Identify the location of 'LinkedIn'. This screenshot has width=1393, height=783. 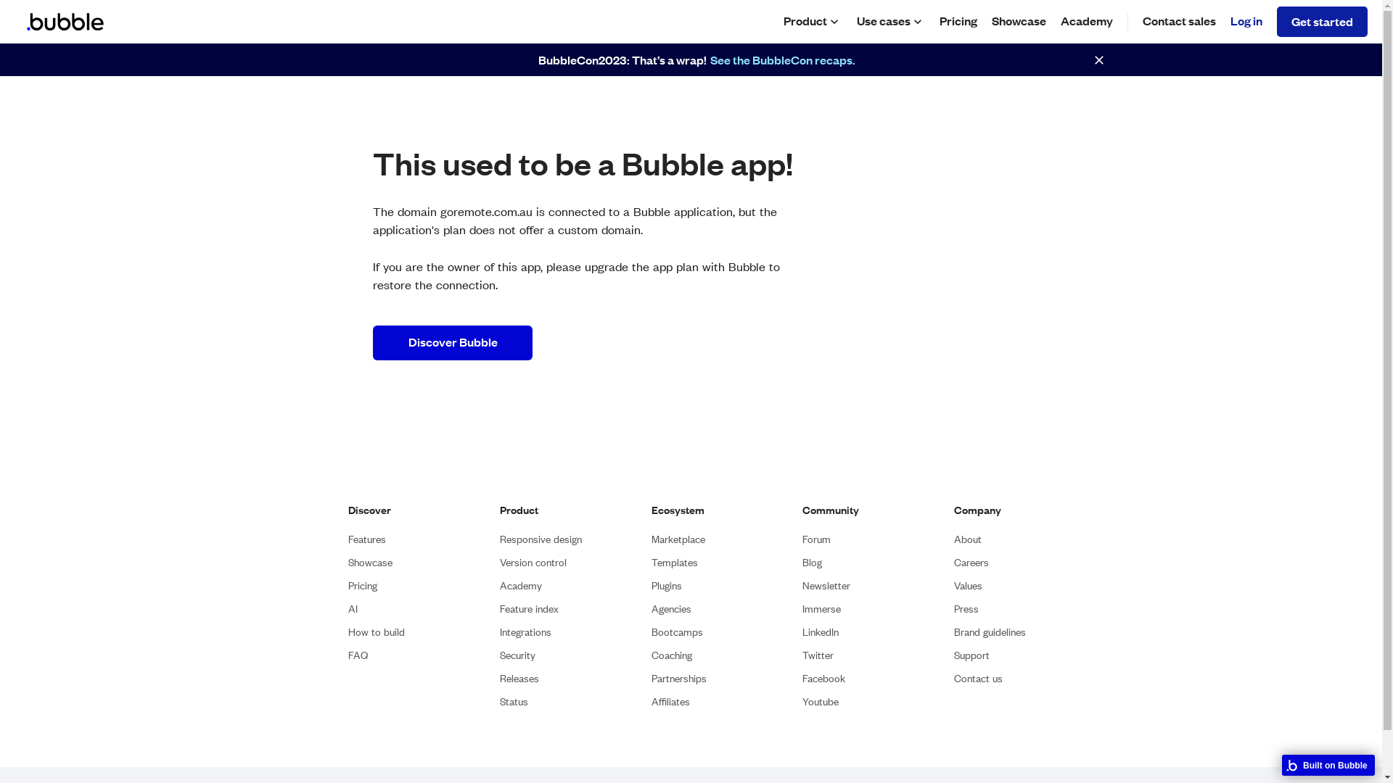
(821, 631).